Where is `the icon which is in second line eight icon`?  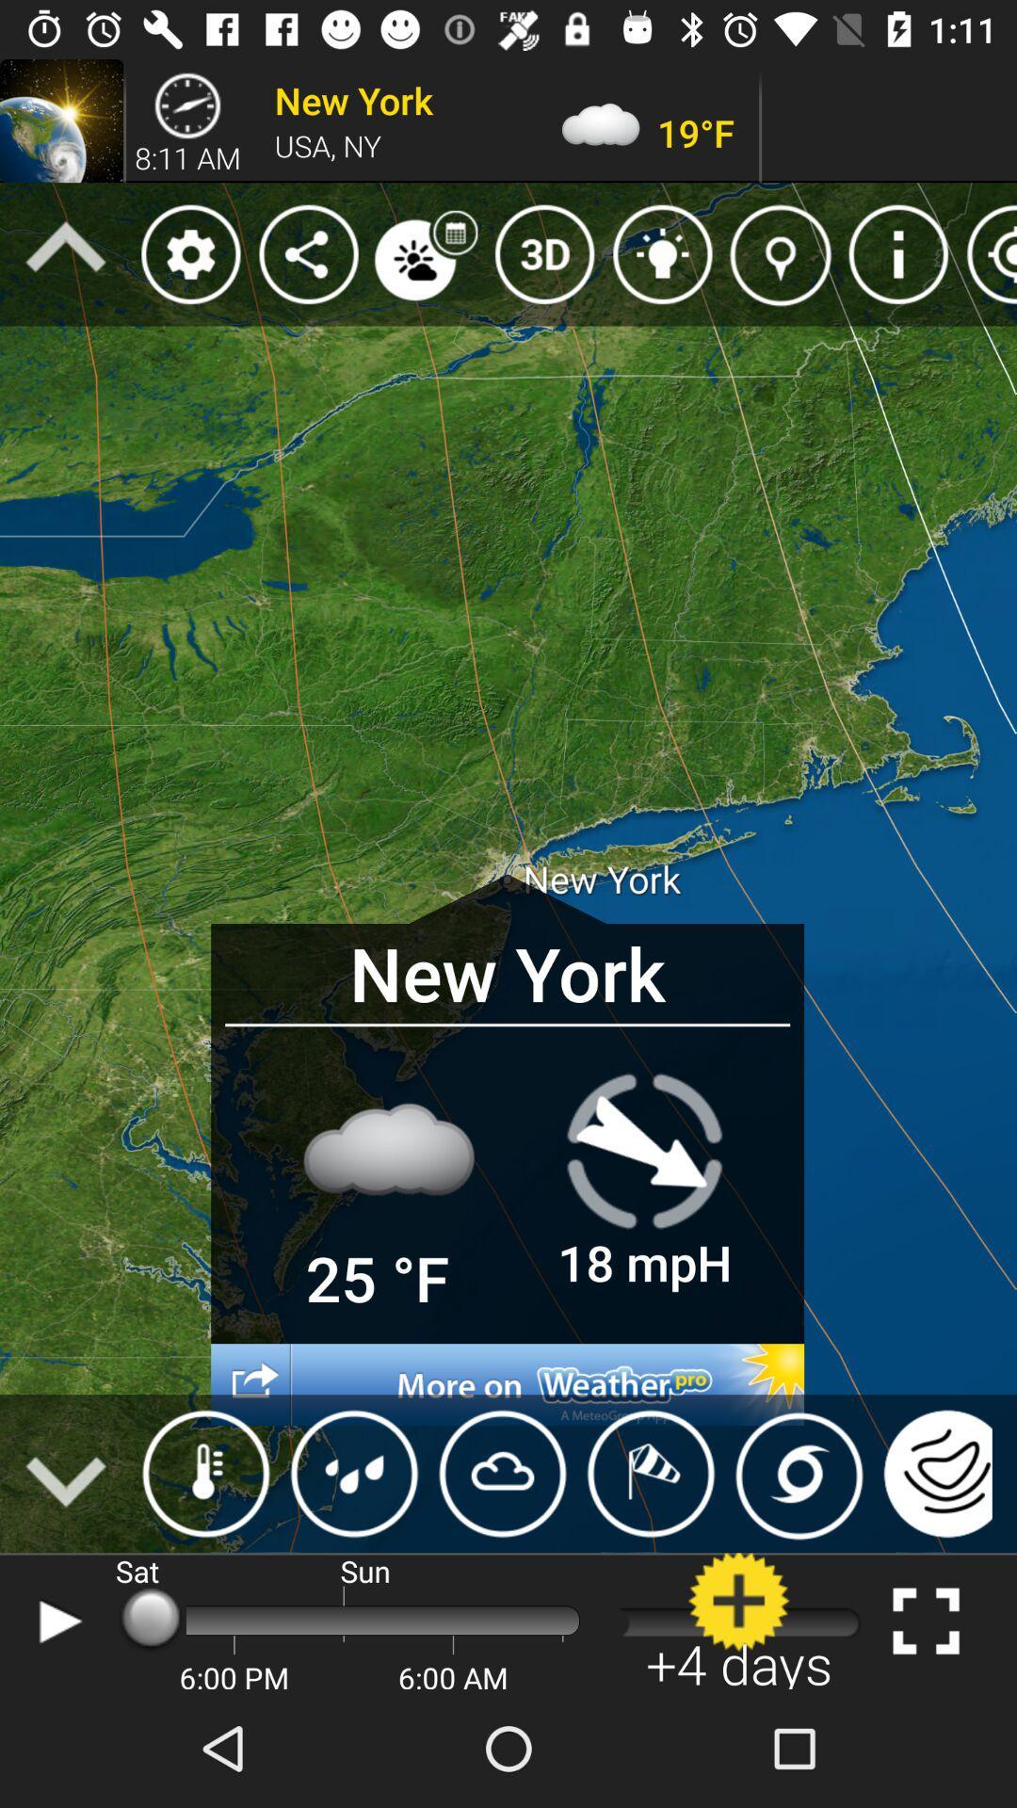
the icon which is in second line eight icon is located at coordinates (897, 253).